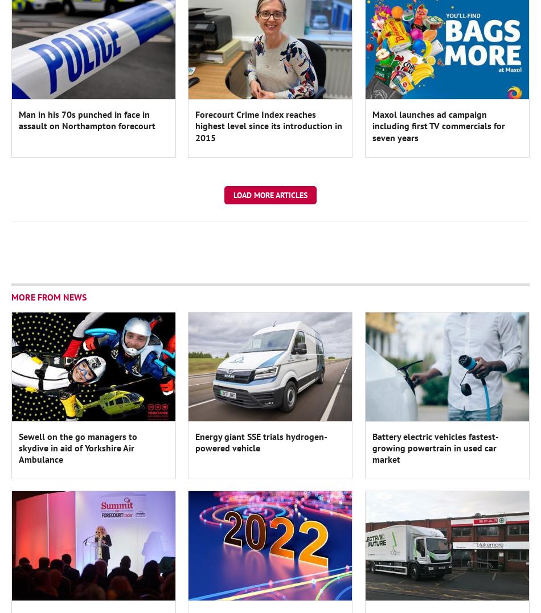 This screenshot has height=613, width=541. I want to click on 'Police alert after spate of thefts of fuel cards from lorries', so click(262, 225).